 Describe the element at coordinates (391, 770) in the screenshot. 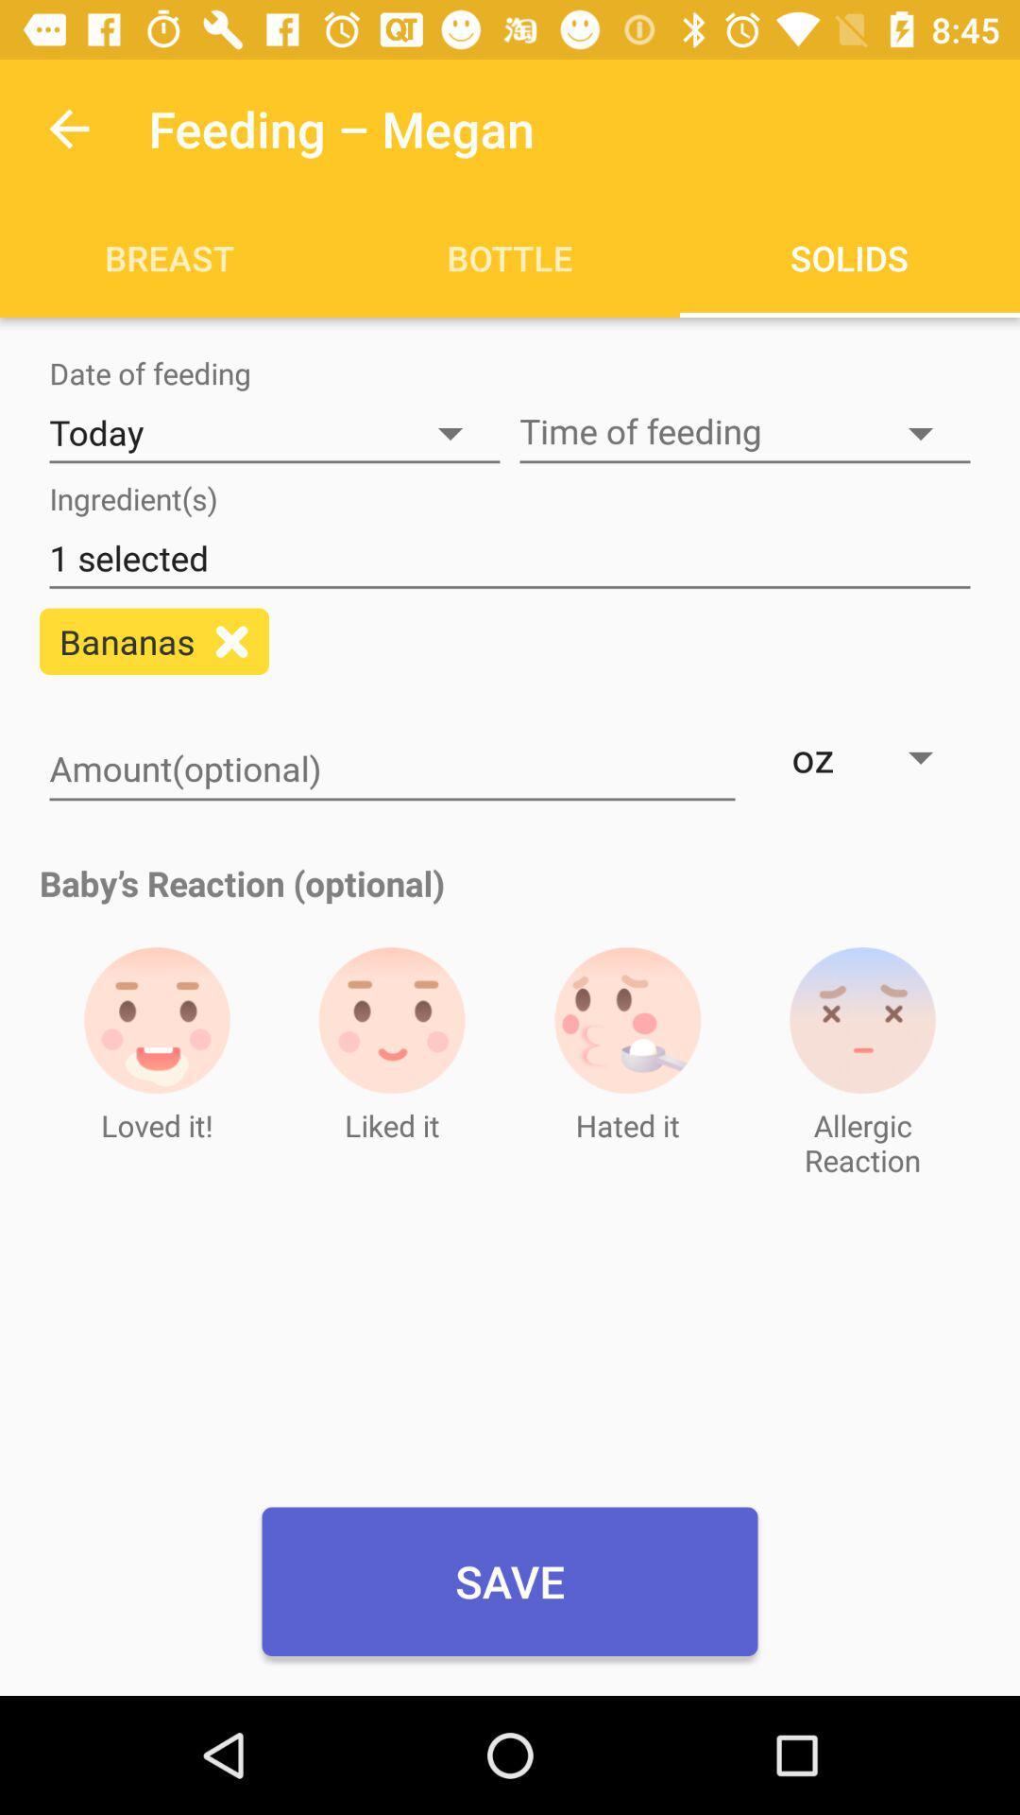

I see `amount optional` at that location.